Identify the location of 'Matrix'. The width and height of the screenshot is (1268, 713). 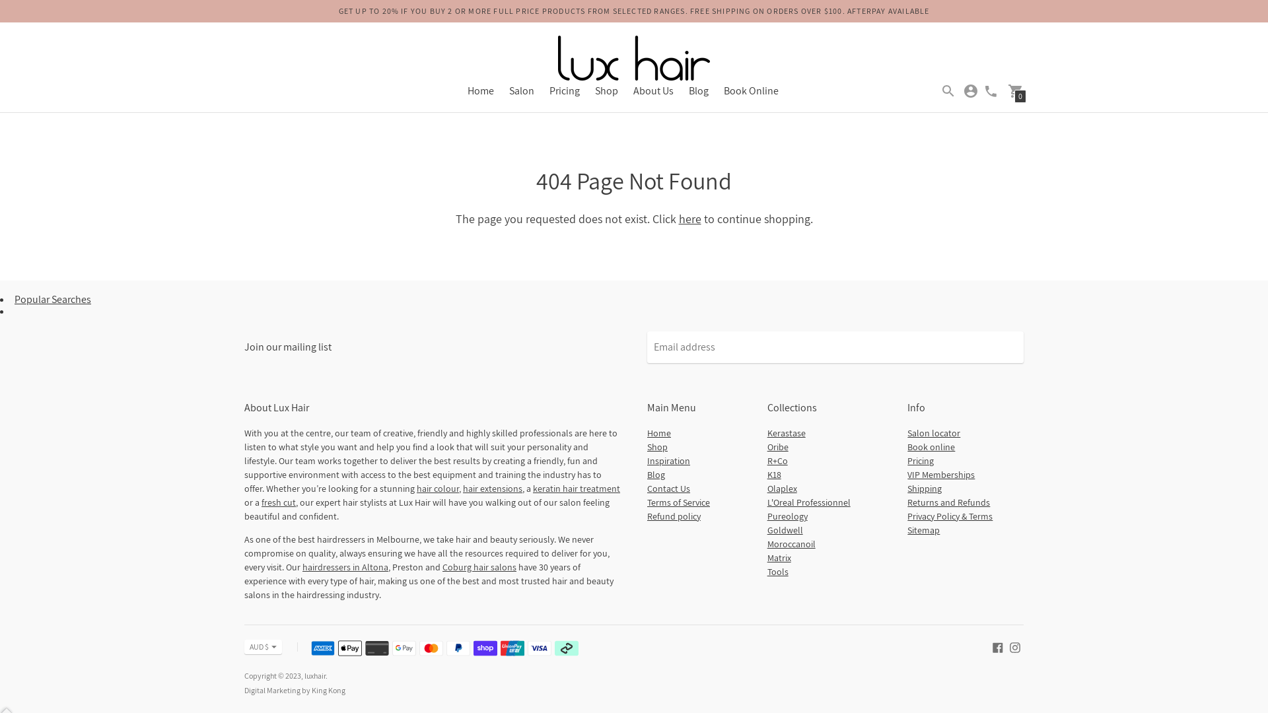
(779, 557).